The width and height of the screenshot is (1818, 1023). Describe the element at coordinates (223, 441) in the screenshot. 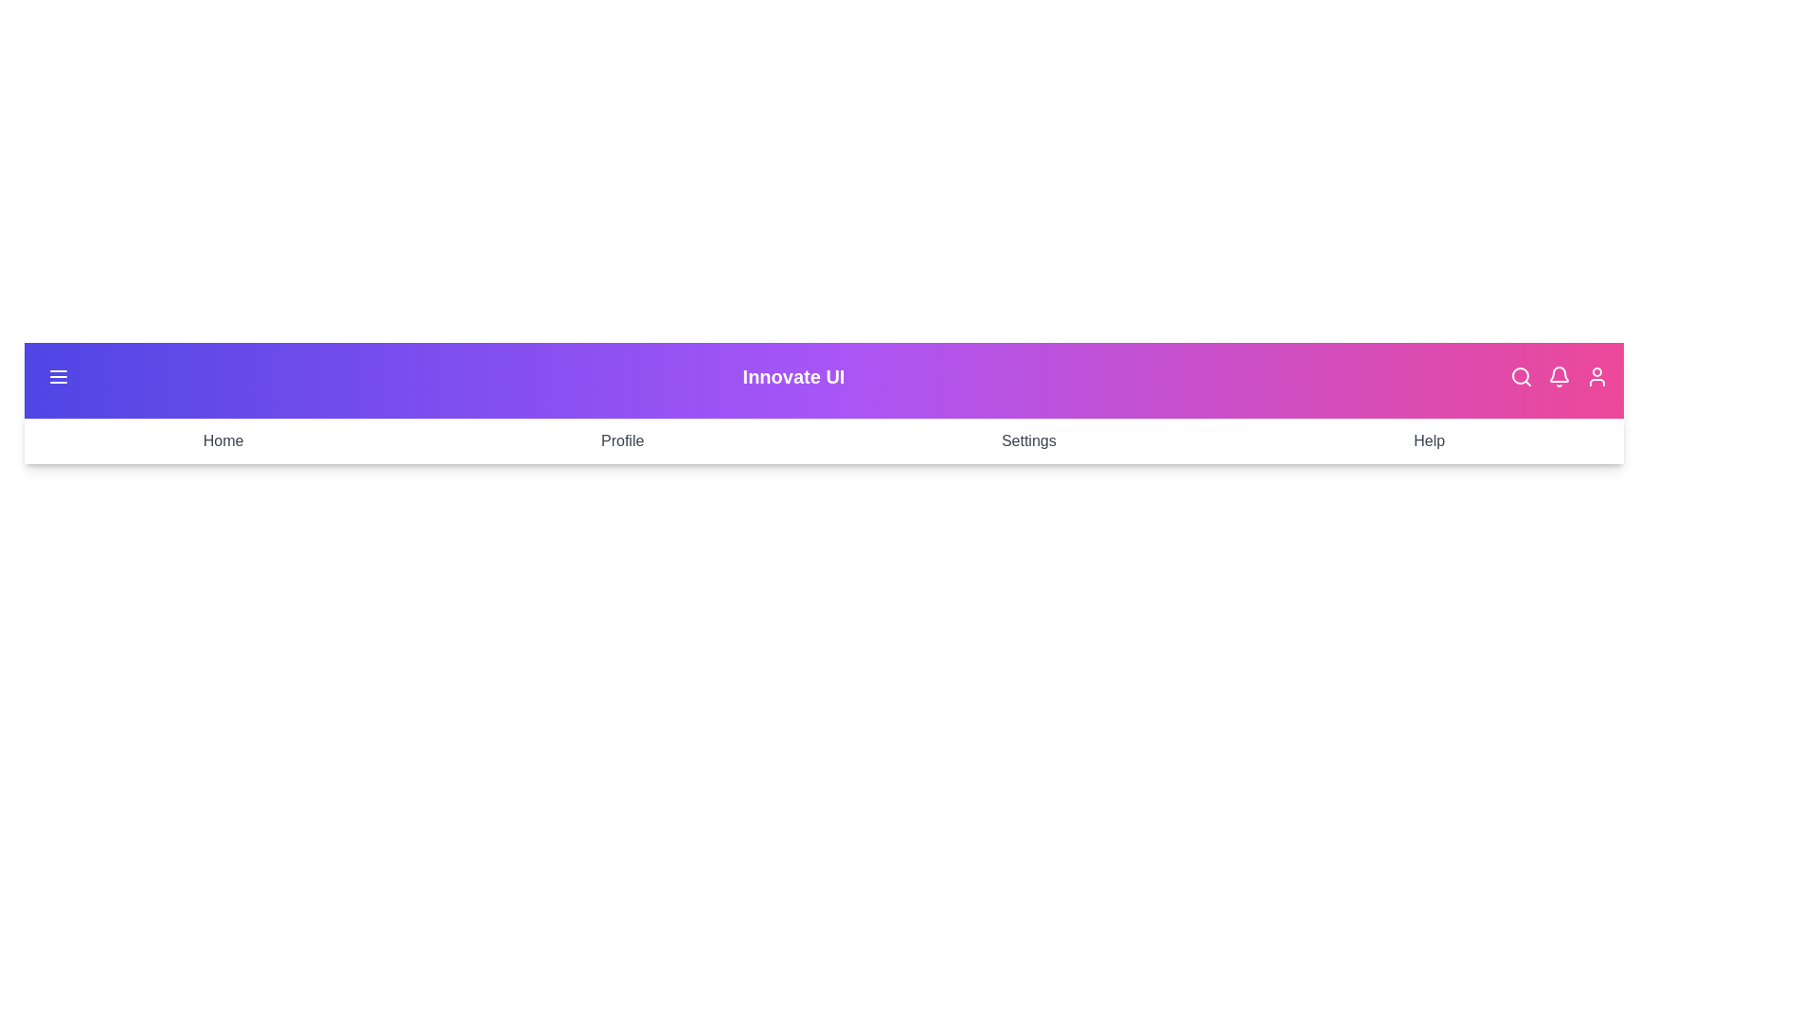

I see `the menu item labeled Home to navigate to the corresponding section` at that location.